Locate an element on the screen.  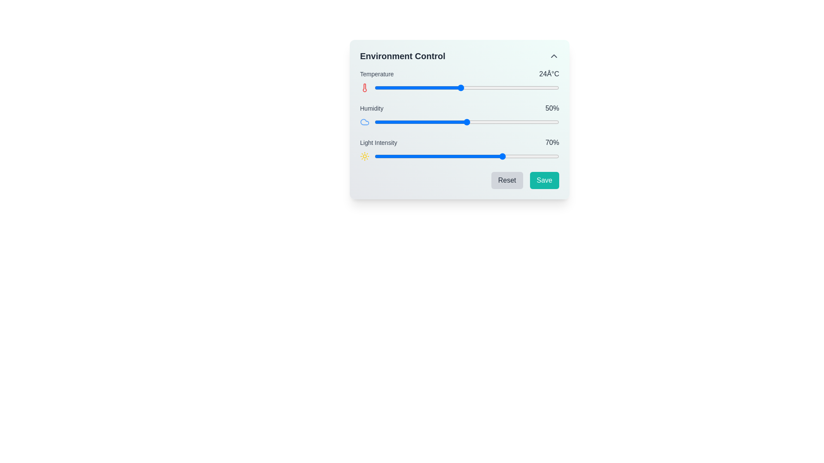
temperature is located at coordinates (399, 87).